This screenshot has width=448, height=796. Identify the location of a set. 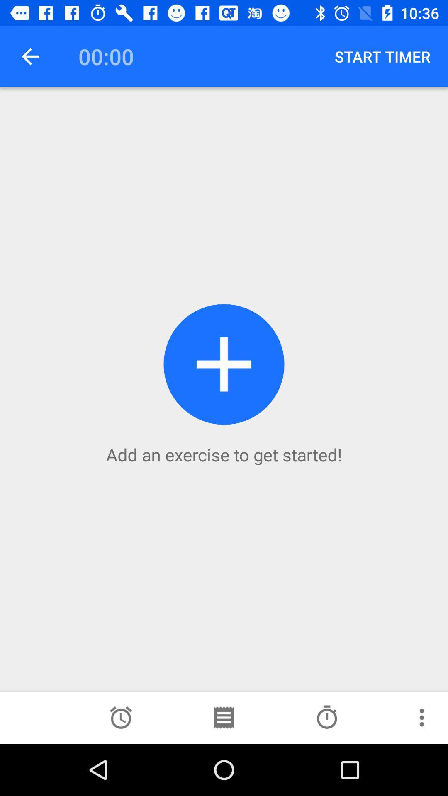
(121, 717).